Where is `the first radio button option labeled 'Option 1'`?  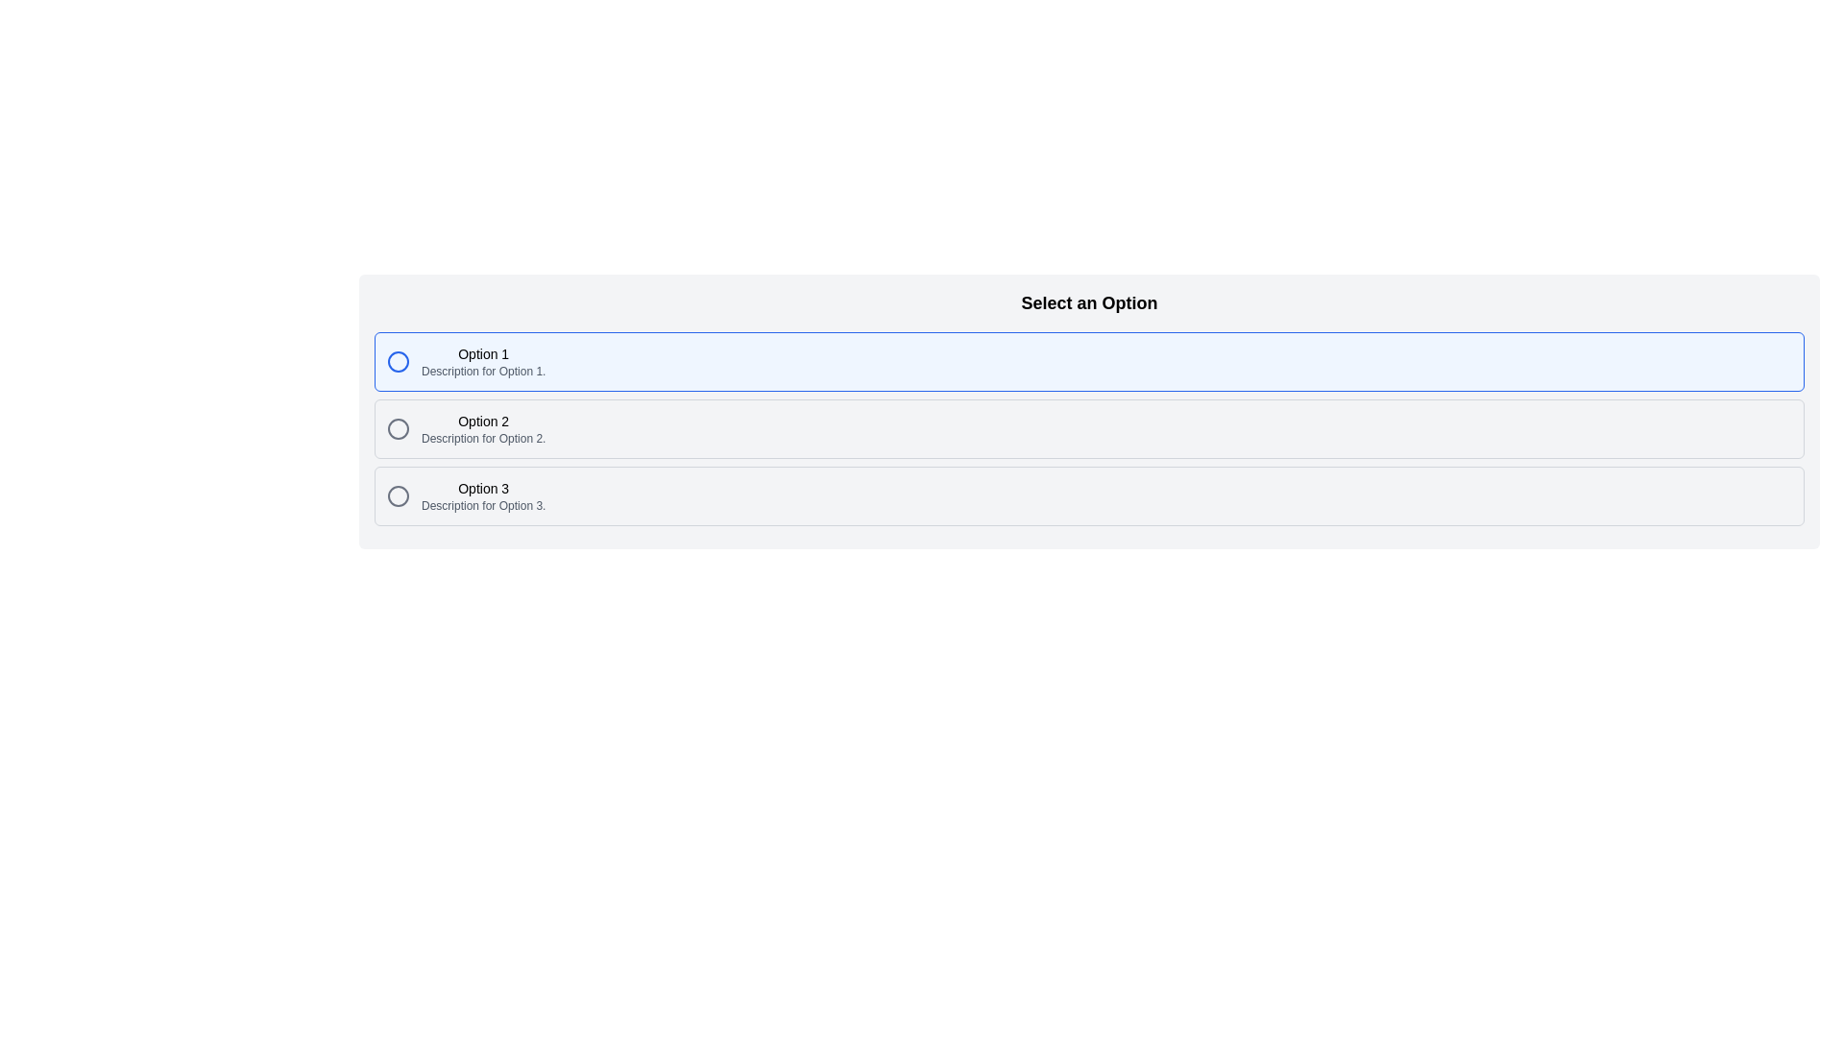
the first radio button option labeled 'Option 1' is located at coordinates (1089, 362).